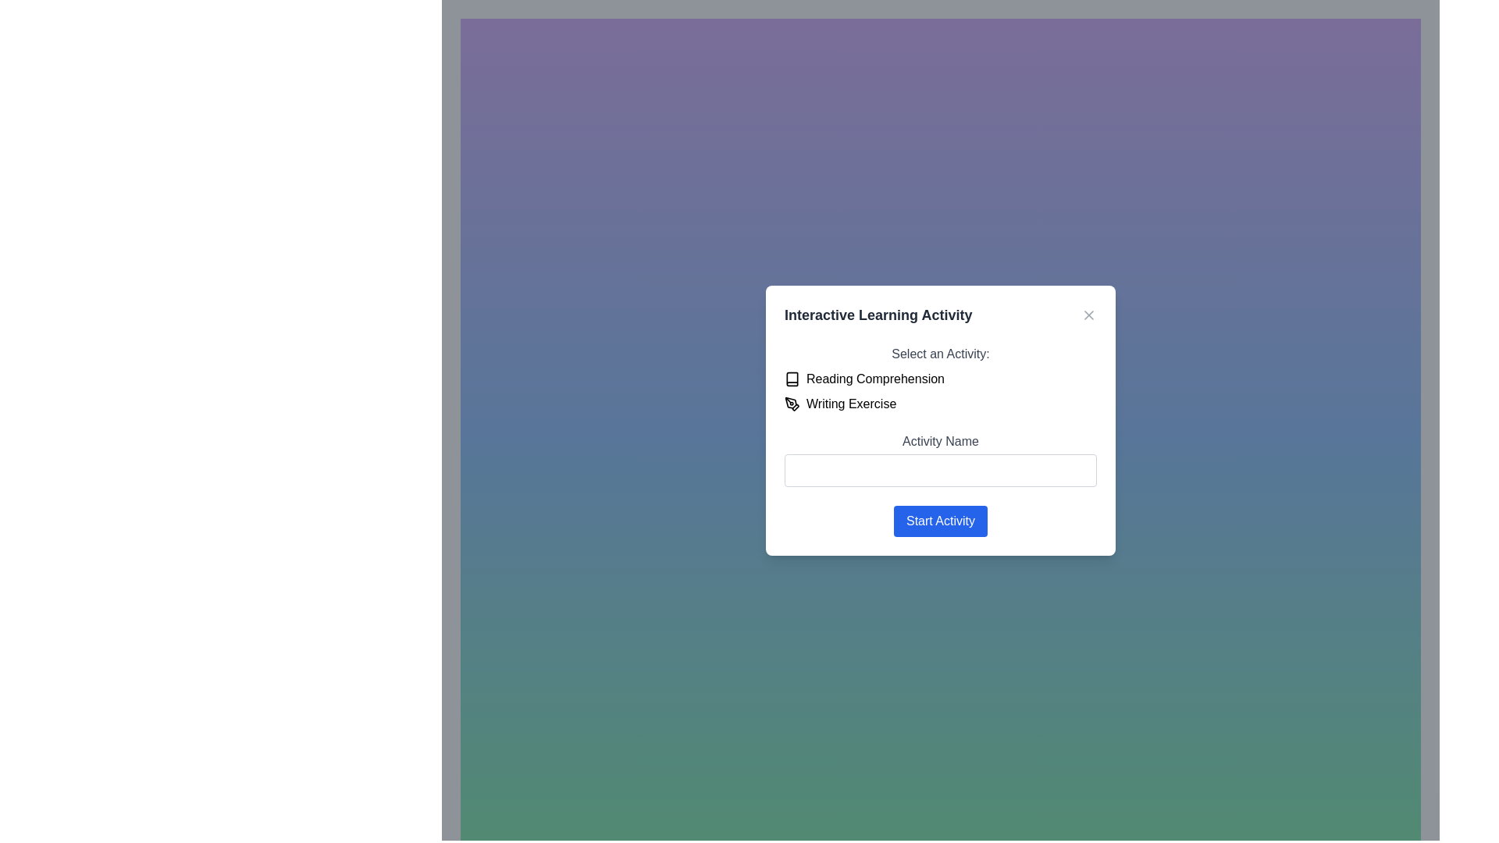 This screenshot has width=1499, height=843. I want to click on the 'Start Activity' button, which is a rectangular button with a blue background and white text, located in the bottom section of the dialog titled 'Interactive Learning Activity', so click(939, 521).